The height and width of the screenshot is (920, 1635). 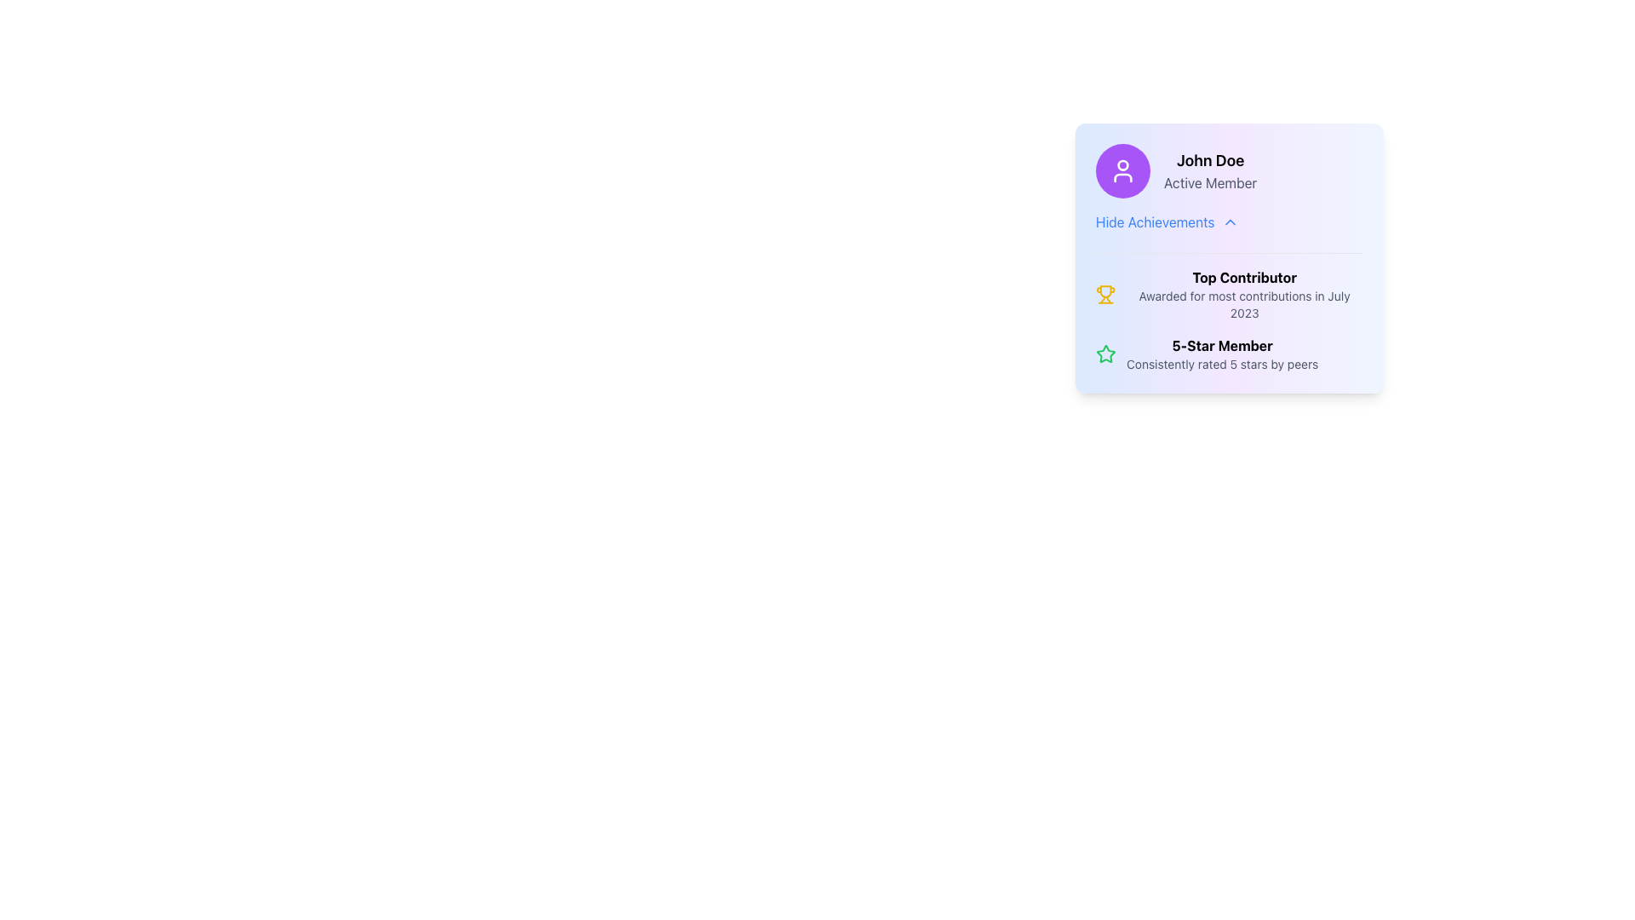 I want to click on the '5-Star Member' achievement icon located in the bottom-right area of the user profile card, which is directly below the 'Top Contributor' achievement section, so click(x=1106, y=353).